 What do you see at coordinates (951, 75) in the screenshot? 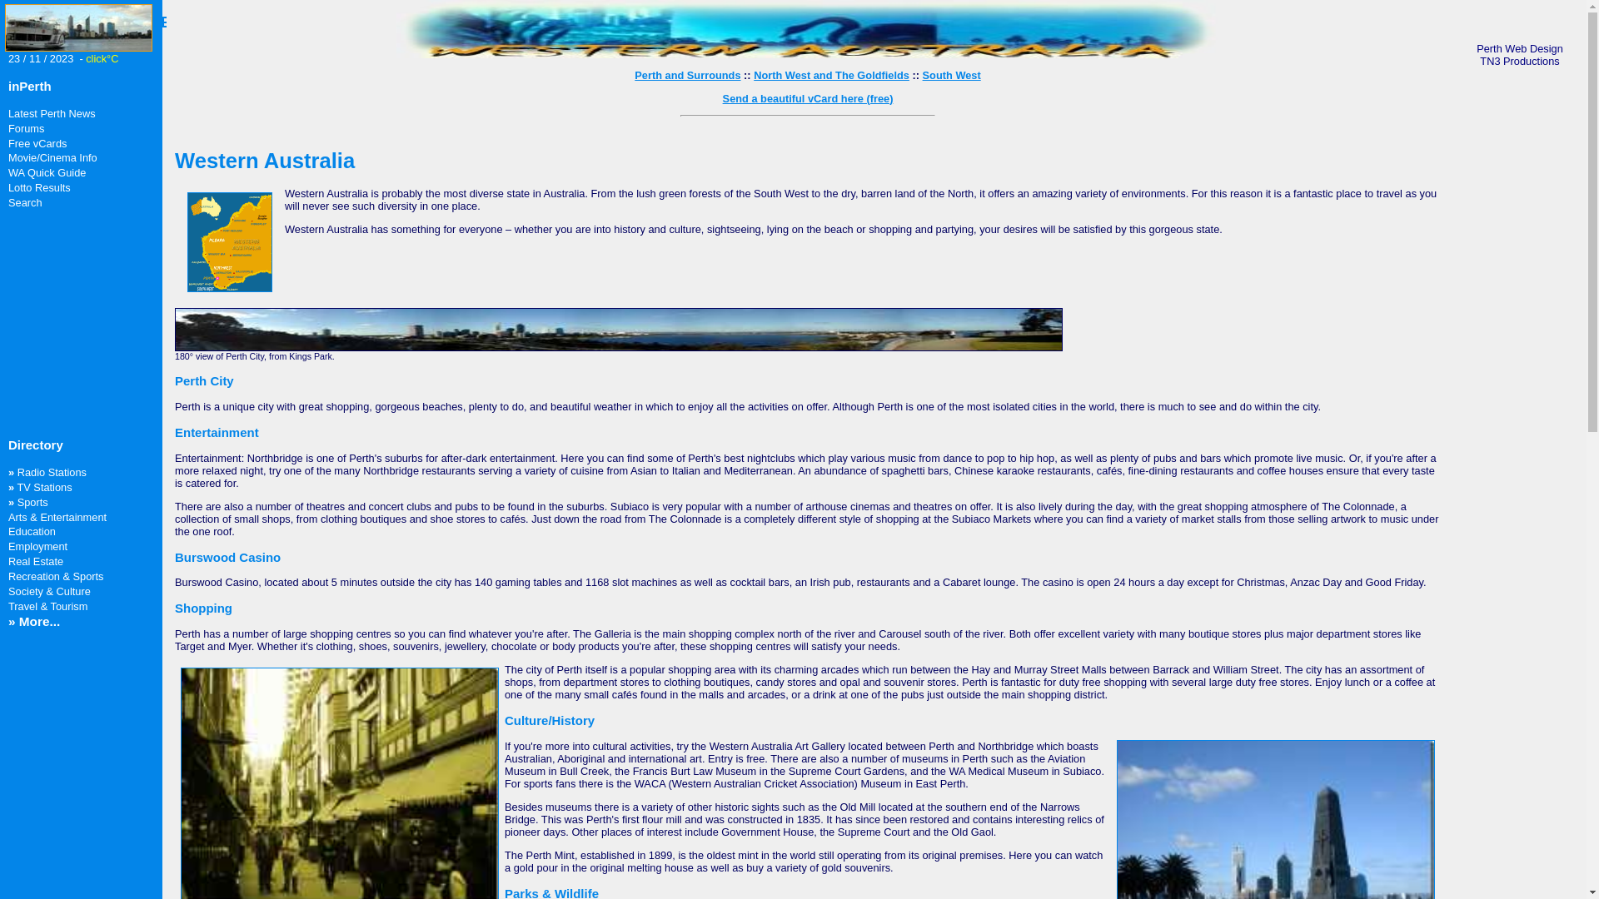
I see `'South West'` at bounding box center [951, 75].